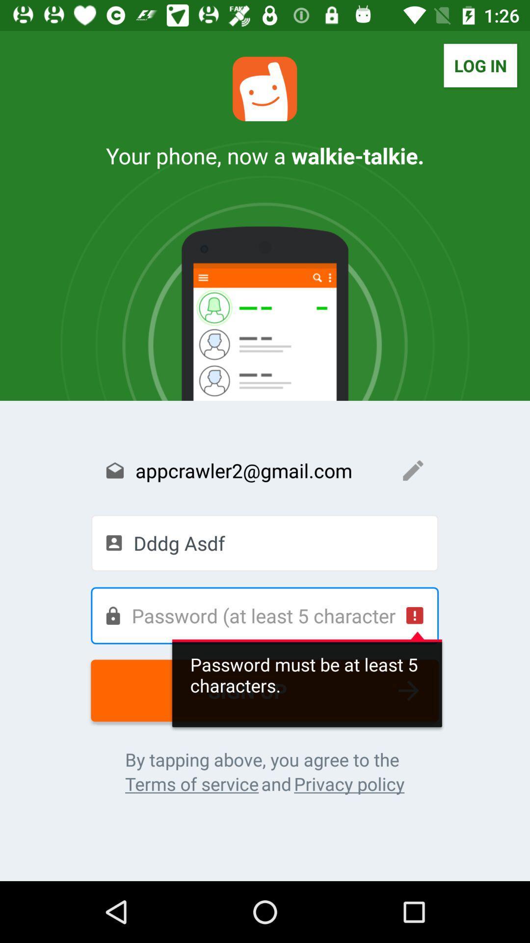 The width and height of the screenshot is (530, 943). Describe the element at coordinates (264, 690) in the screenshot. I see `the sign up` at that location.